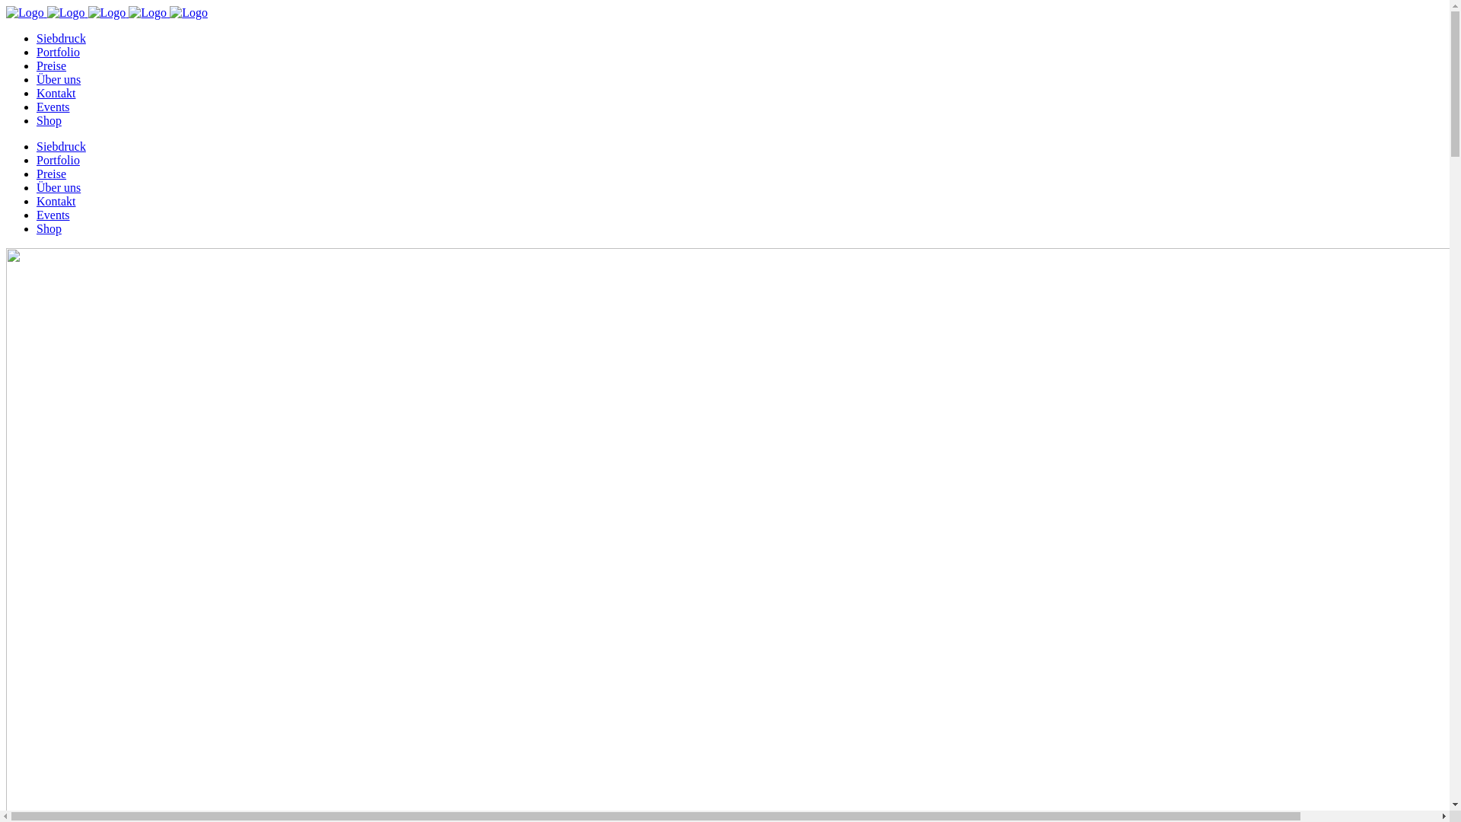  Describe the element at coordinates (58, 51) in the screenshot. I see `'Portfolio'` at that location.